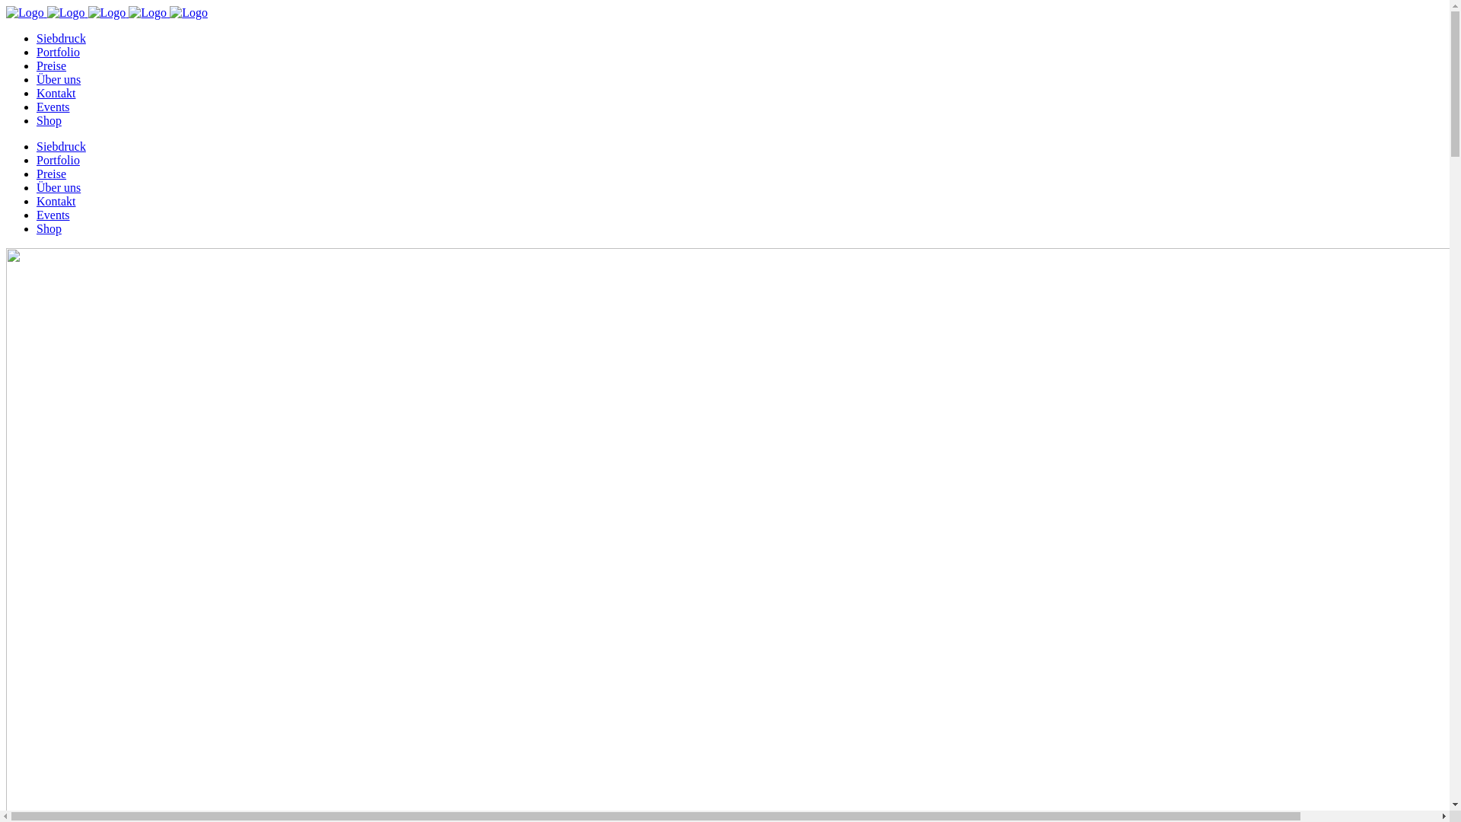  Describe the element at coordinates (58, 51) in the screenshot. I see `'Portfolio'` at that location.